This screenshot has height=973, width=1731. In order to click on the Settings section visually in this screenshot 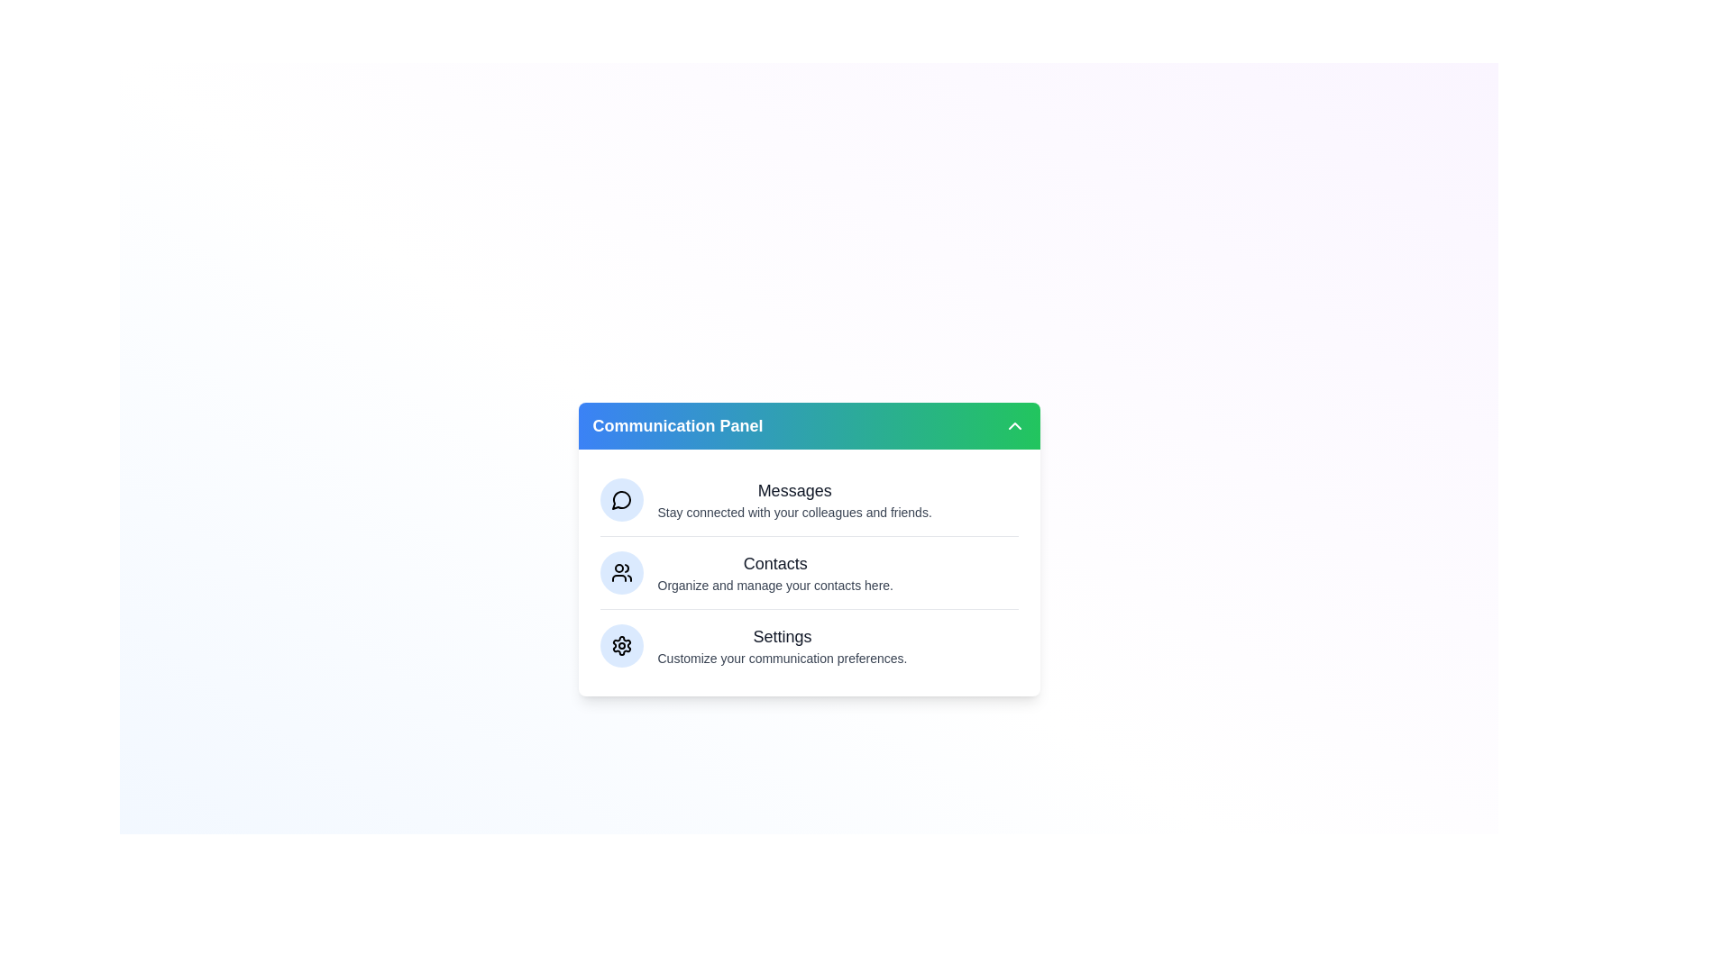, I will do `click(621, 645)`.